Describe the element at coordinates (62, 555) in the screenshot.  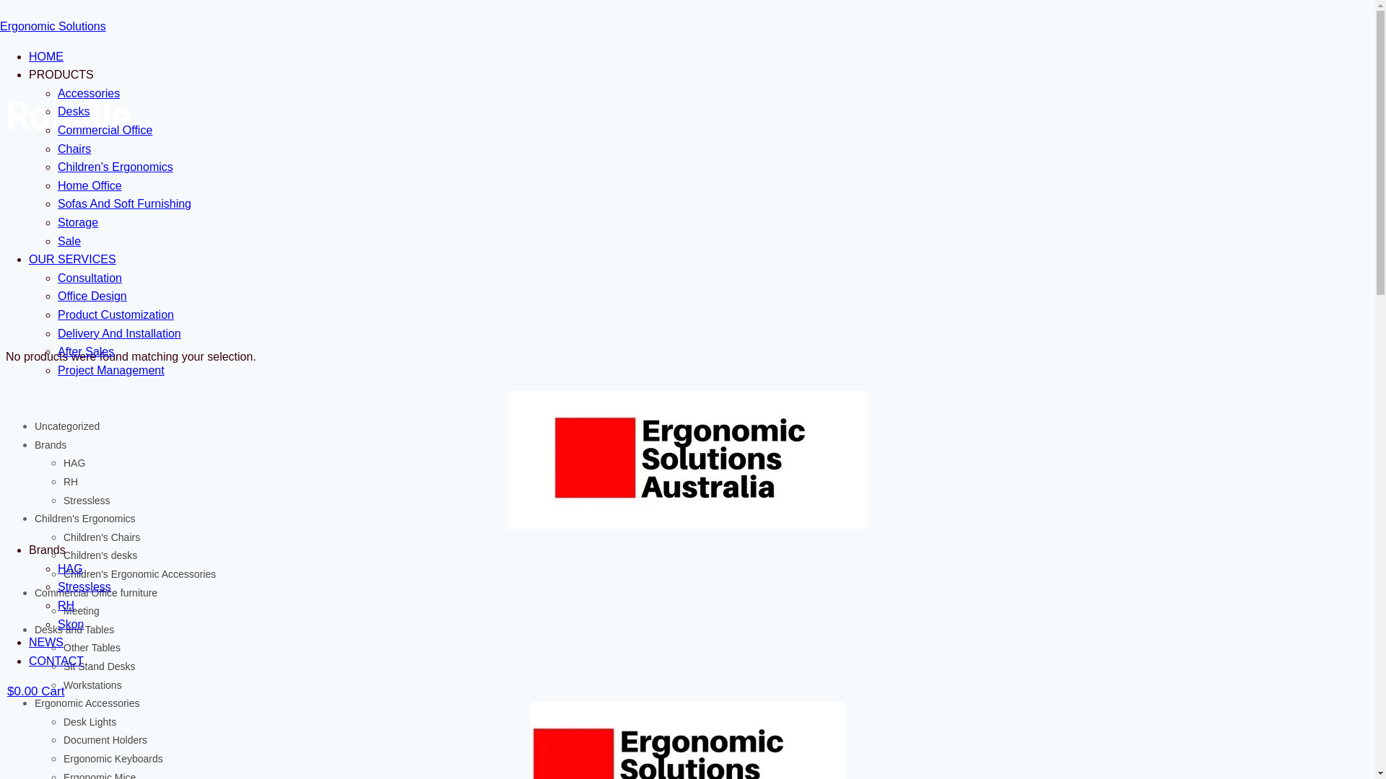
I see `'Children's desks'` at that location.